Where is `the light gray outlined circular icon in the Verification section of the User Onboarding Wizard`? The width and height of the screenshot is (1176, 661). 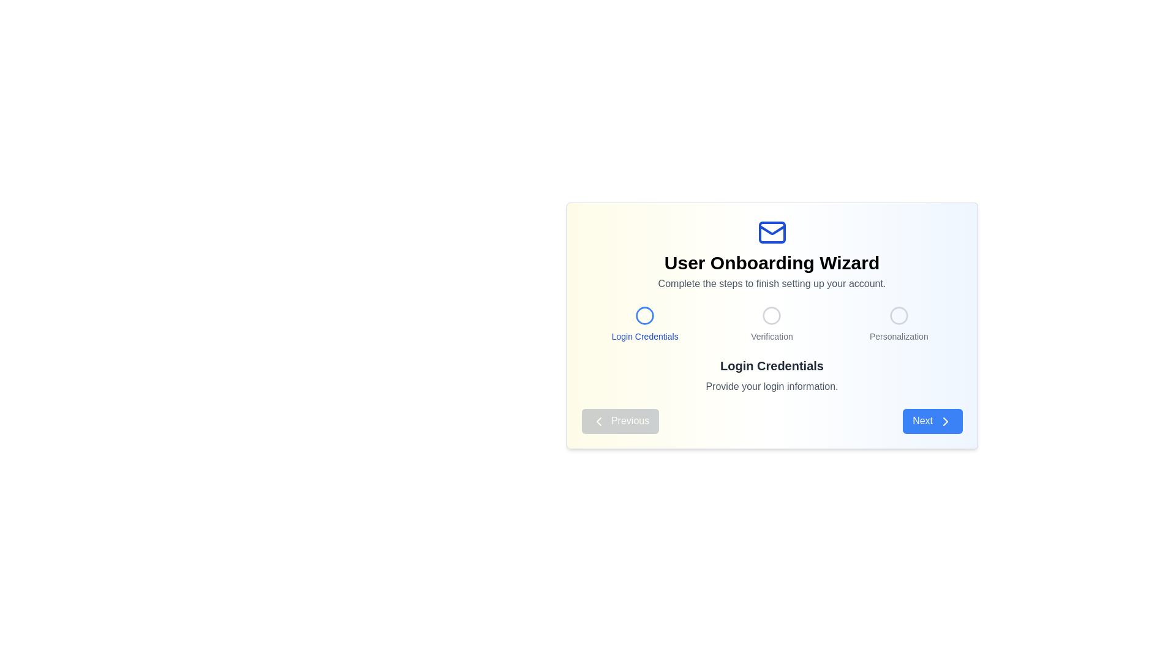 the light gray outlined circular icon in the Verification section of the User Onboarding Wizard is located at coordinates (771, 315).